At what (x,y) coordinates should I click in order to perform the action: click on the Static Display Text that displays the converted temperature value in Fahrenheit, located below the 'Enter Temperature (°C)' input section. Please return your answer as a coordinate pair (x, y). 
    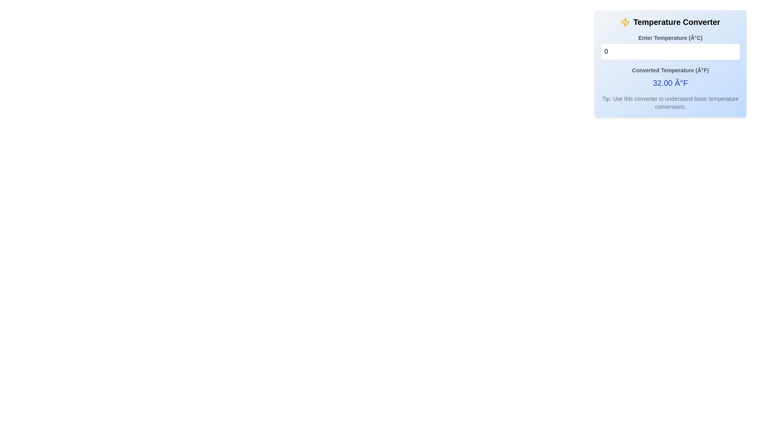
    Looking at the image, I should click on (670, 77).